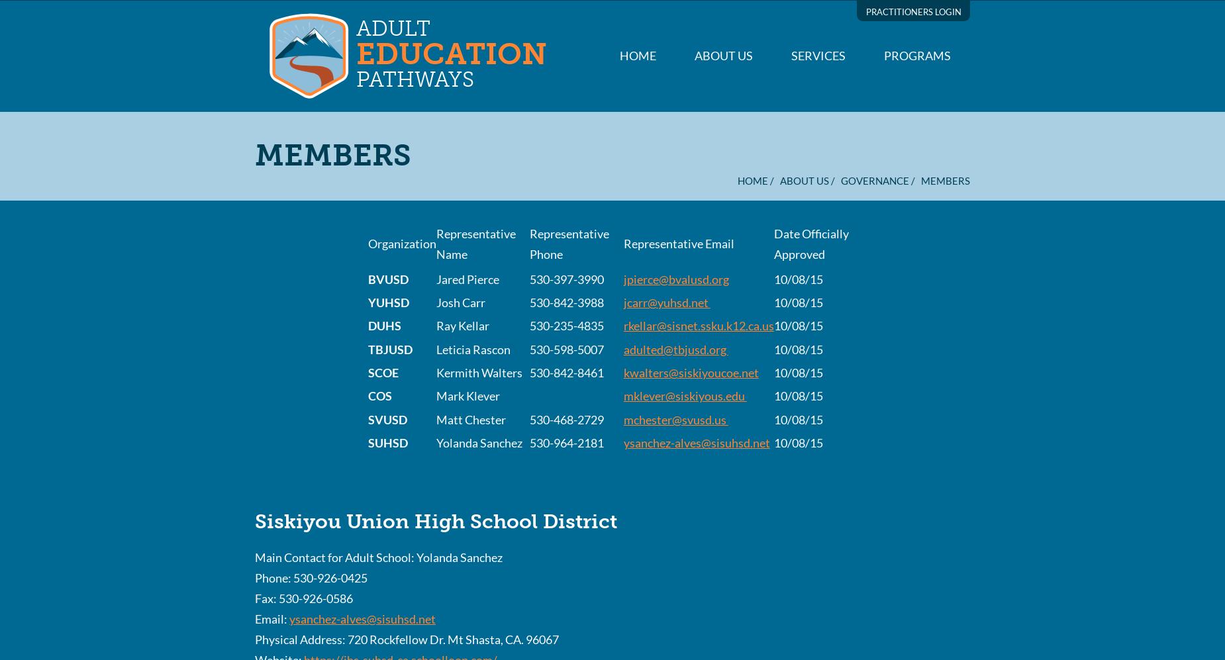  What do you see at coordinates (389, 311) in the screenshot?
I see `'Diploma Completion, GED Preparation, Internships,'` at bounding box center [389, 311].